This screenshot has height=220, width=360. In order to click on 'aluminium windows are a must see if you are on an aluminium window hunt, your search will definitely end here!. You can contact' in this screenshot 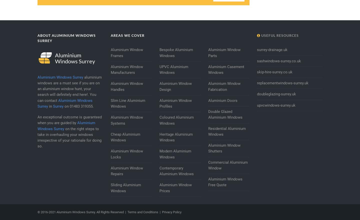, I will do `click(69, 88)`.